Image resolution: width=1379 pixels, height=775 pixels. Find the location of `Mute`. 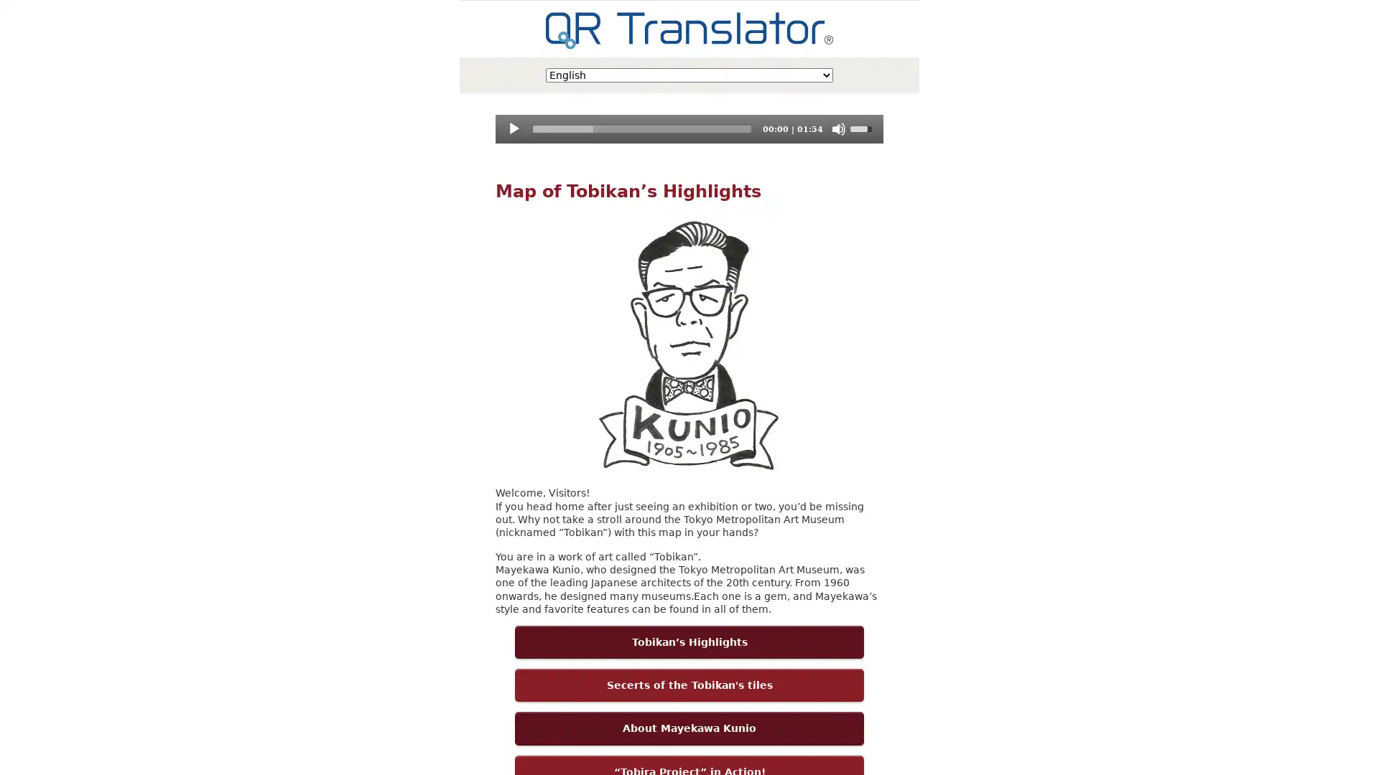

Mute is located at coordinates (837, 129).